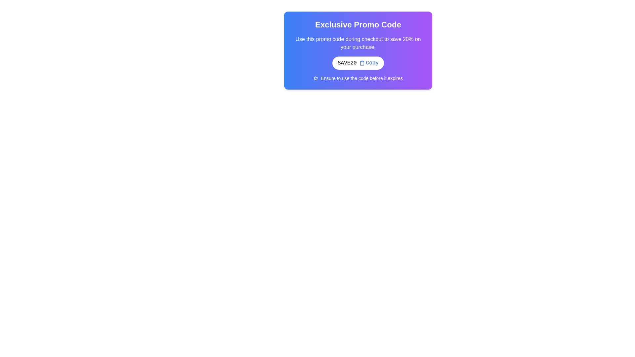  What do you see at coordinates (358, 78) in the screenshot?
I see `the advisory text element that prompts the user to use the promo code before it expires, located below the 'SAVE20 Copy' button` at bounding box center [358, 78].